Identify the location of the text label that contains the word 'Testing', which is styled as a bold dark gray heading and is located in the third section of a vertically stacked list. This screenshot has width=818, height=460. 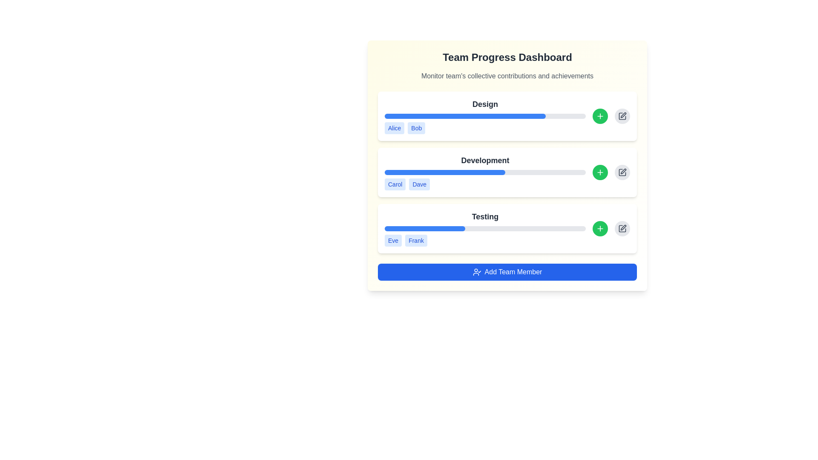
(485, 216).